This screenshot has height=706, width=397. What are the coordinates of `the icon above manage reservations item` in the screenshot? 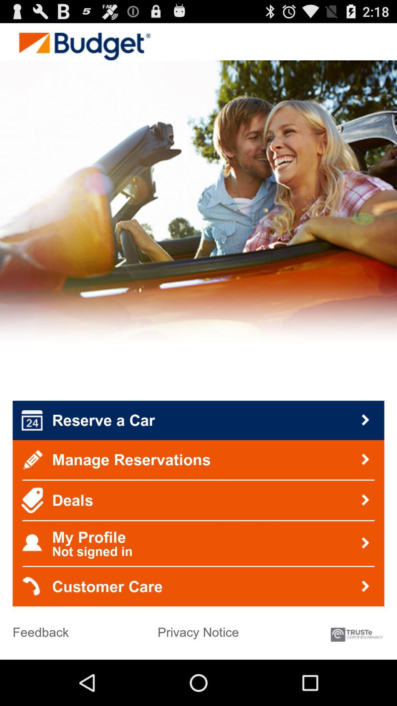 It's located at (198, 420).